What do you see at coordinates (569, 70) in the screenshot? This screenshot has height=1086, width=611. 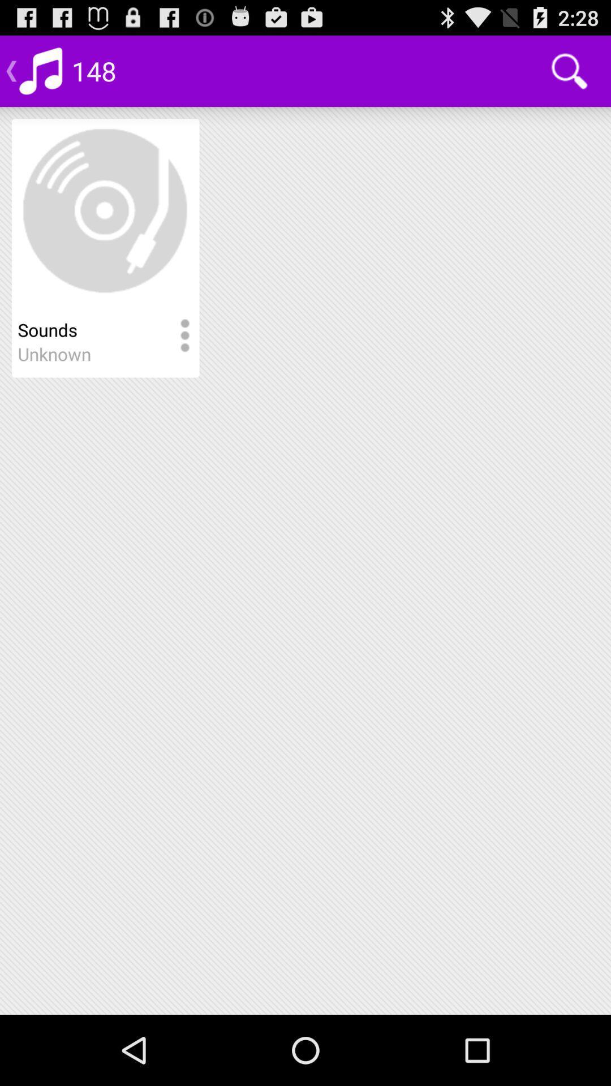 I see `the item next to 148 app` at bounding box center [569, 70].